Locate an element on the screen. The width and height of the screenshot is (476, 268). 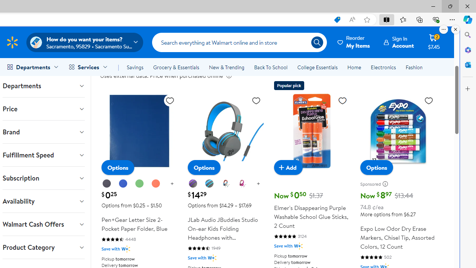
'College Essentials' is located at coordinates (317, 67).